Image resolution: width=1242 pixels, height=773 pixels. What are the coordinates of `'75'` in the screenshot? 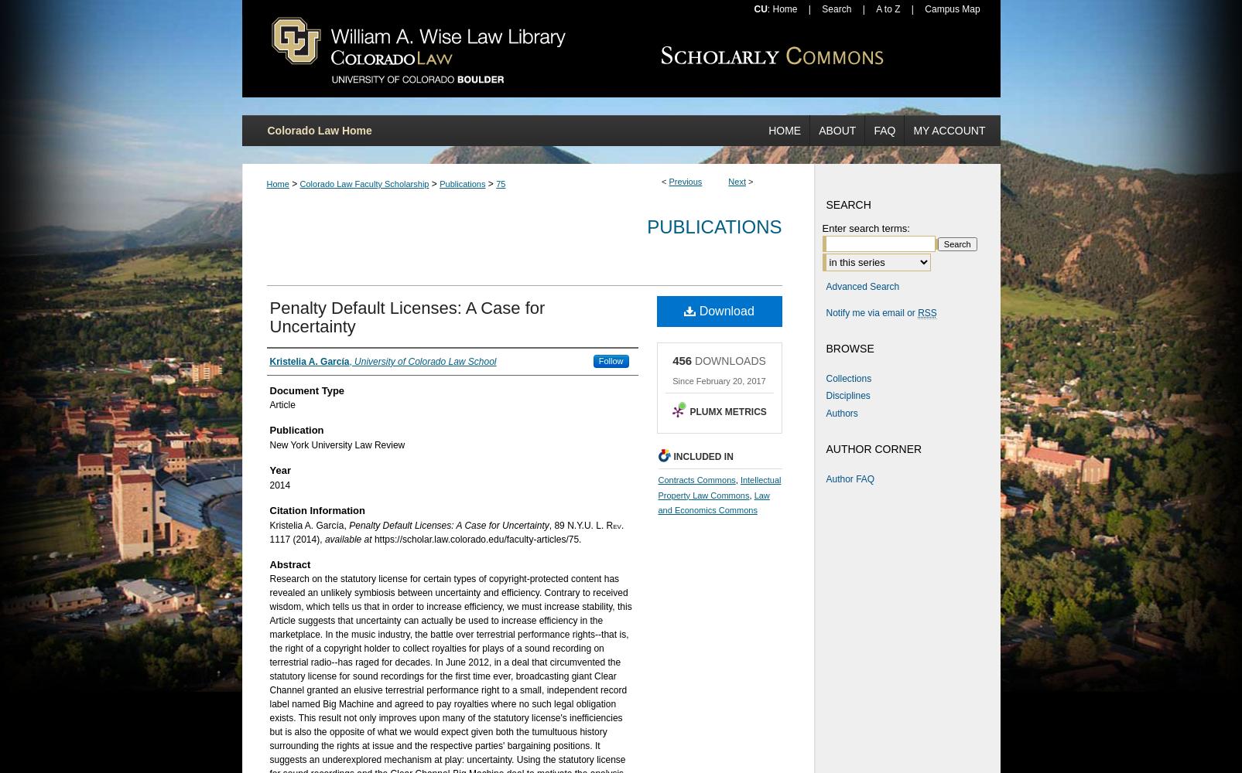 It's located at (496, 183).